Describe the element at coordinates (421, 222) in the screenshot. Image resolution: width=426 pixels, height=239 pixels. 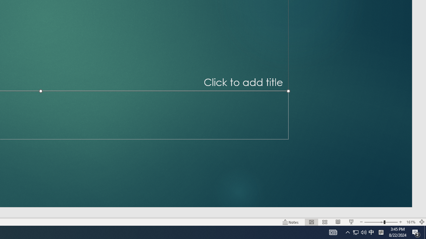
I see `'Zoom to Fit '` at that location.